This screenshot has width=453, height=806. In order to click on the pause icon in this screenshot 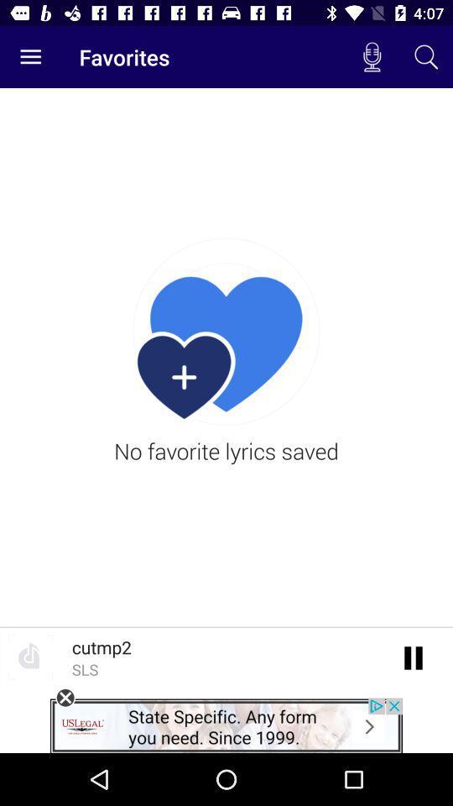, I will do `click(413, 657)`.